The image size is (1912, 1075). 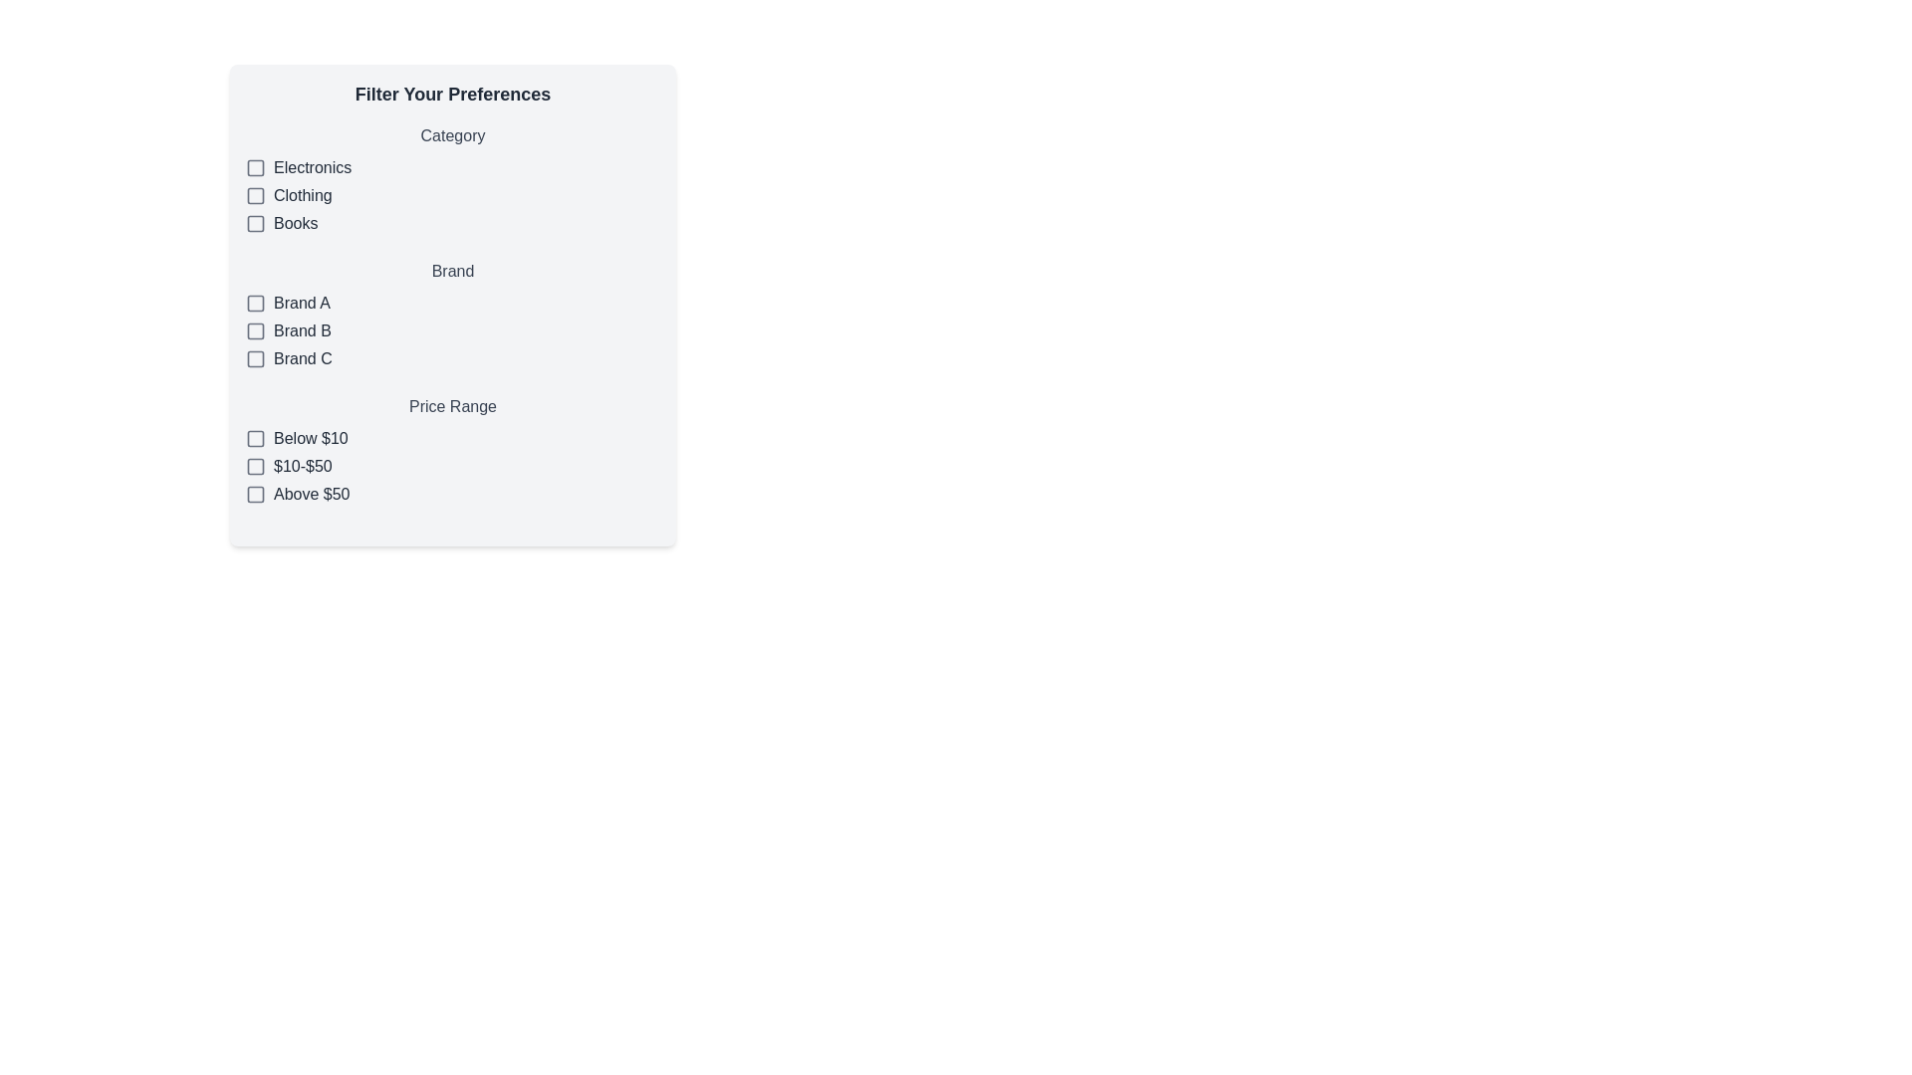 What do you see at coordinates (452, 272) in the screenshot?
I see `the header text label that serves as a title for the list of brand options, located in the middle of the form interface under the 'Category' section` at bounding box center [452, 272].